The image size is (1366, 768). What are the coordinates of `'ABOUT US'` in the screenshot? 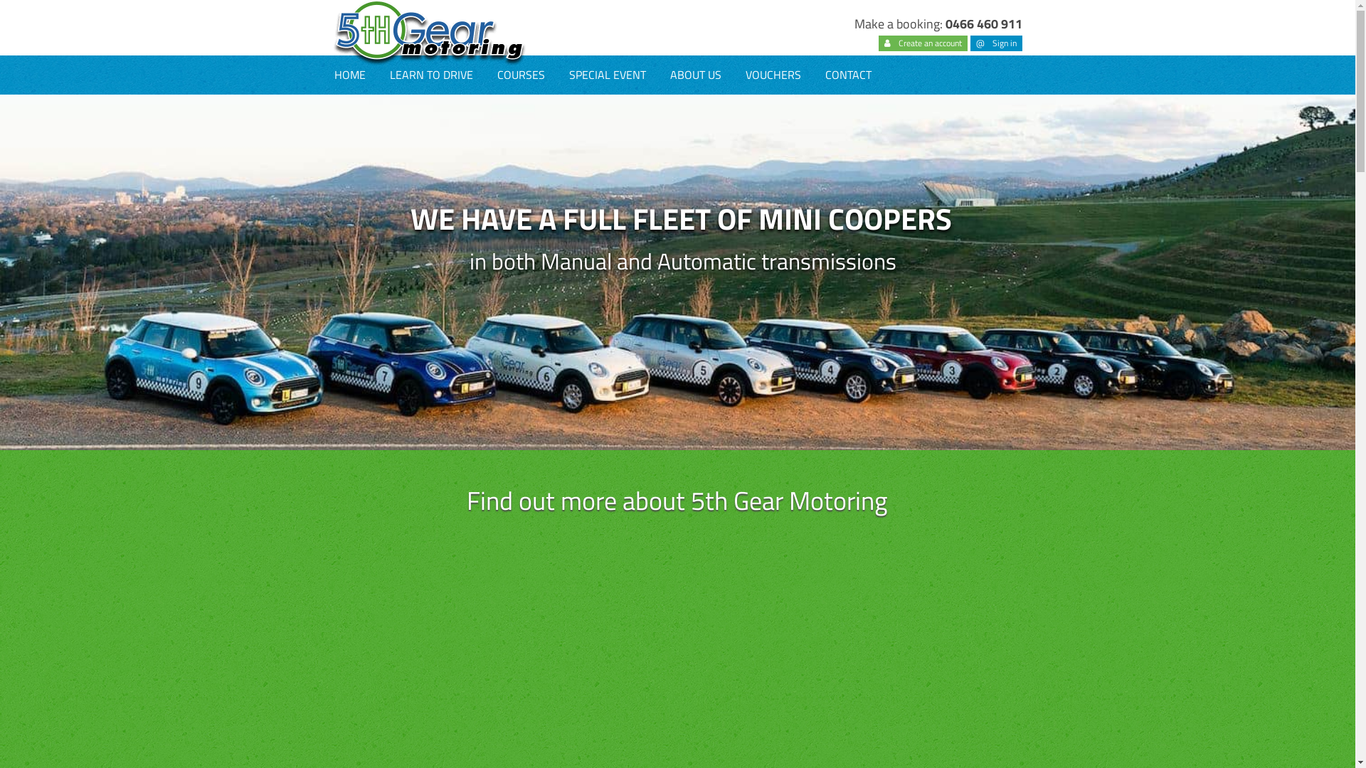 It's located at (695, 75).